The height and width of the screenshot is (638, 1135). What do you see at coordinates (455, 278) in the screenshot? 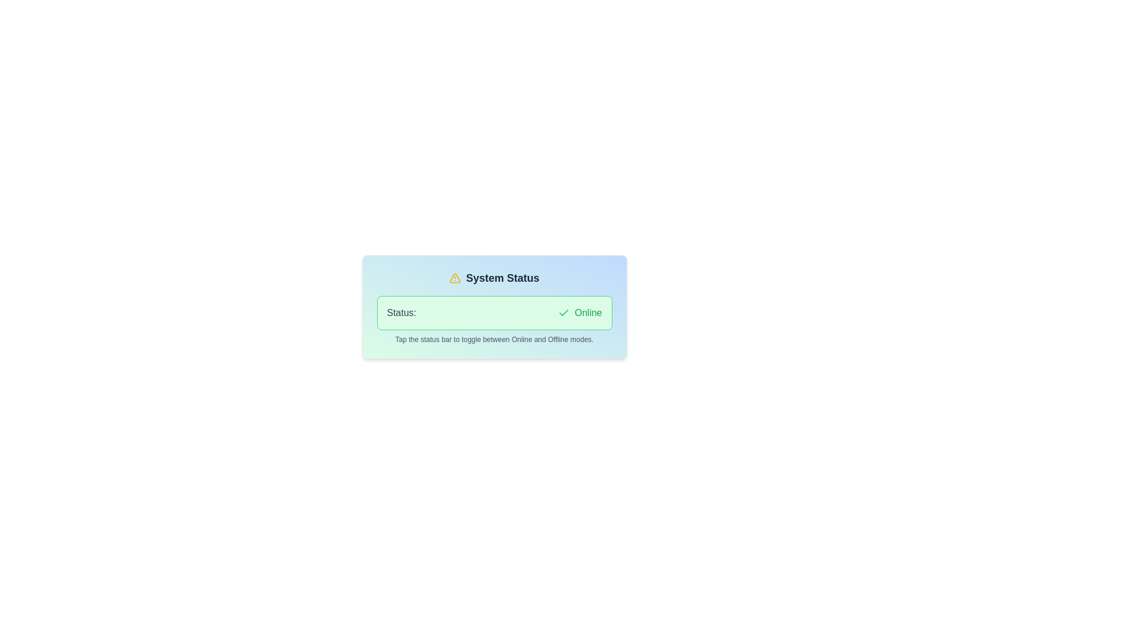
I see `the warning icon that represents a system status alert, located to the left of the 'System Status' text in the top section of the card` at bounding box center [455, 278].